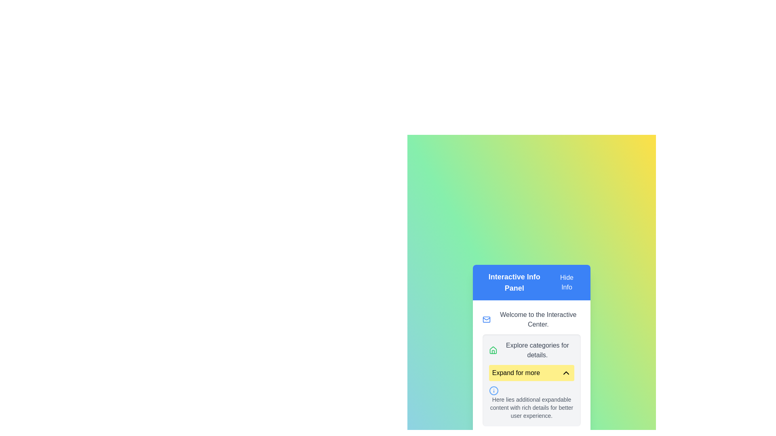 The image size is (776, 436). I want to click on the circular SVG element that serves as the 'info' or 'help' icon located at the bottom of the interactive panel interface, underneath the 'Expand for more' button, so click(493, 390).